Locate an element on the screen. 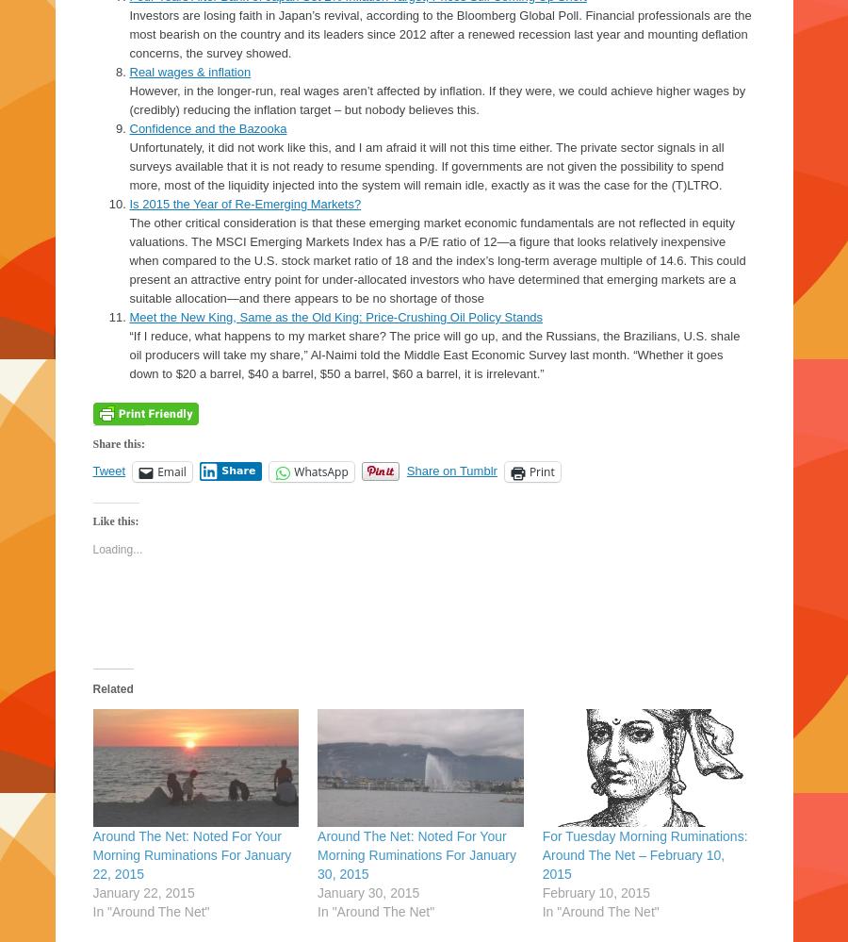 This screenshot has height=942, width=848. 'Related' is located at coordinates (112, 636).